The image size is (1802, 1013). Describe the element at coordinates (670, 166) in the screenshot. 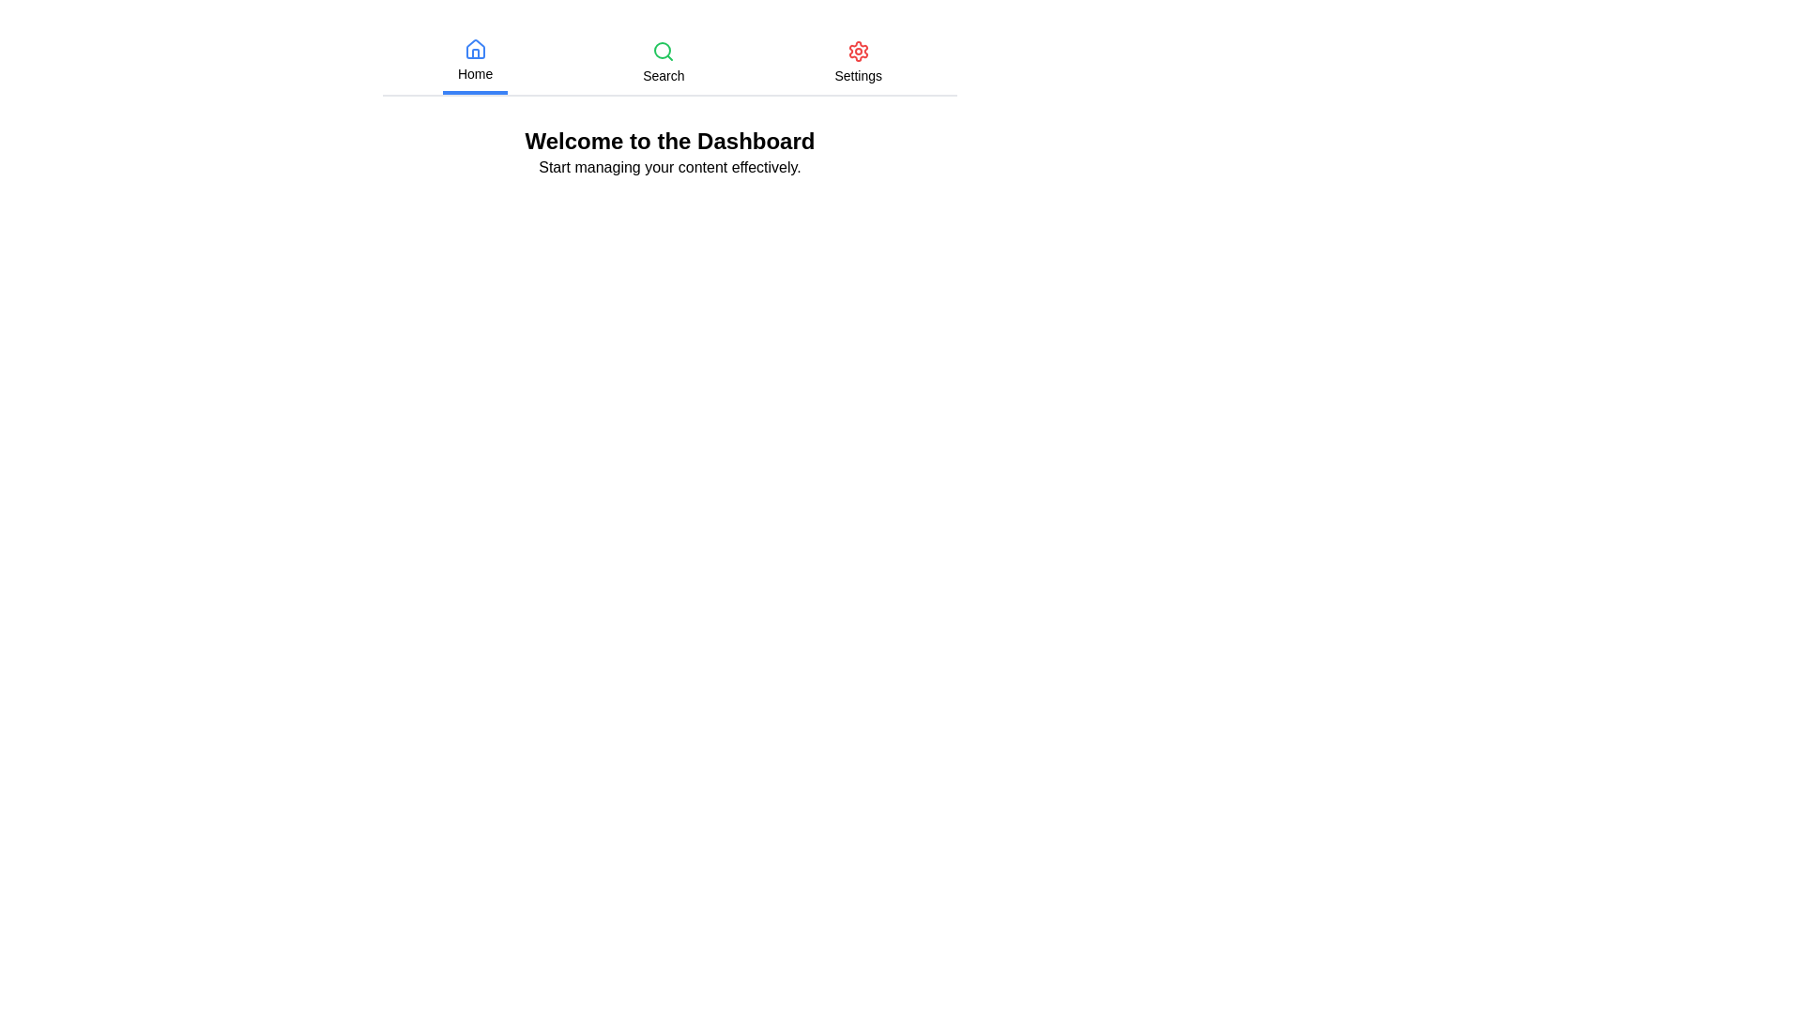

I see `the 'Start managing your content effectively.' text to interact with it` at that location.